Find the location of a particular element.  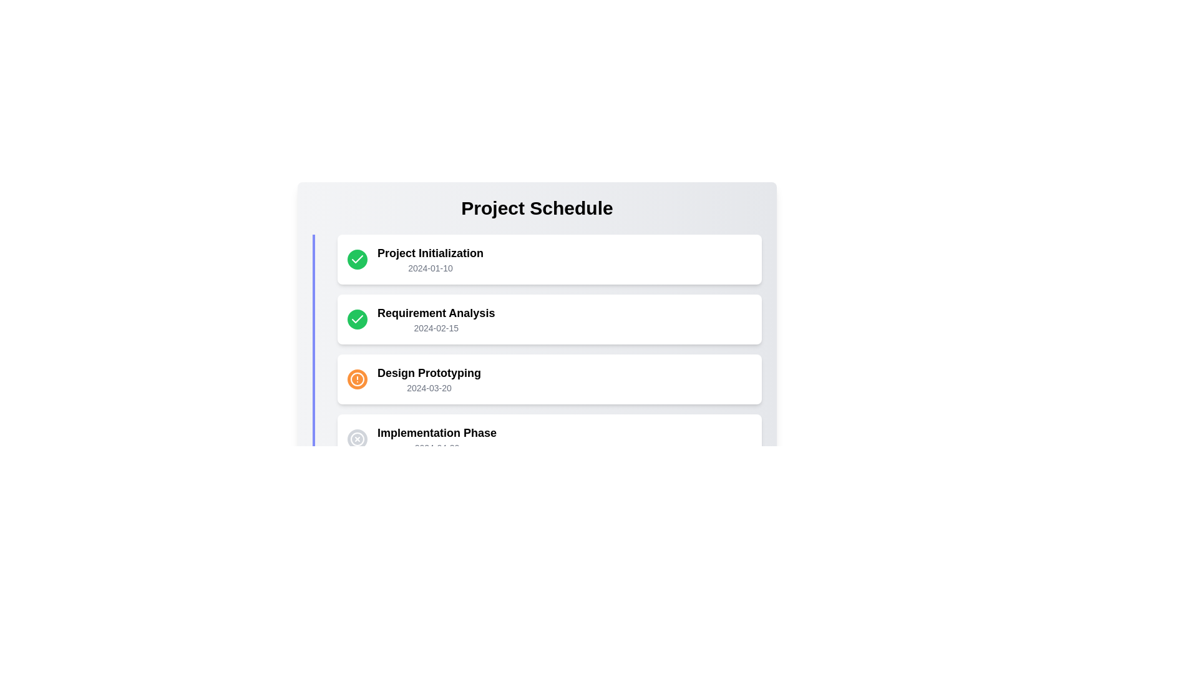

the 'Design Prototyping' label, which is a bold heading located above the date '2024-03-20' in the schedule is located at coordinates (429, 372).